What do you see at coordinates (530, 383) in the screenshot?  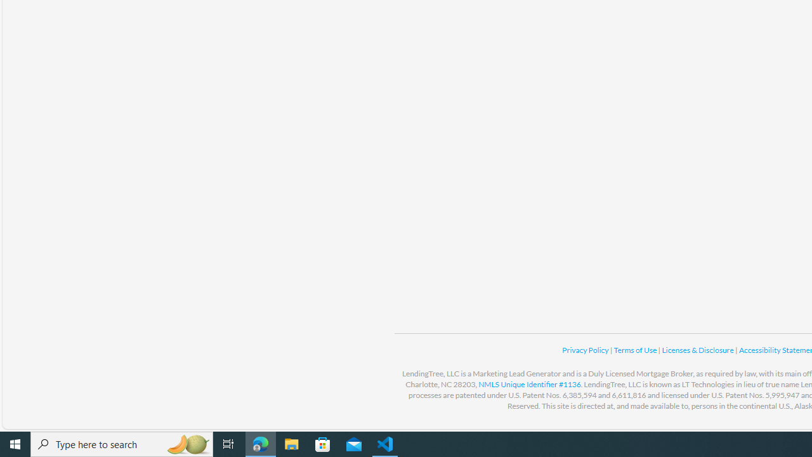 I see `'NMLS Unique Identifier #1136'` at bounding box center [530, 383].